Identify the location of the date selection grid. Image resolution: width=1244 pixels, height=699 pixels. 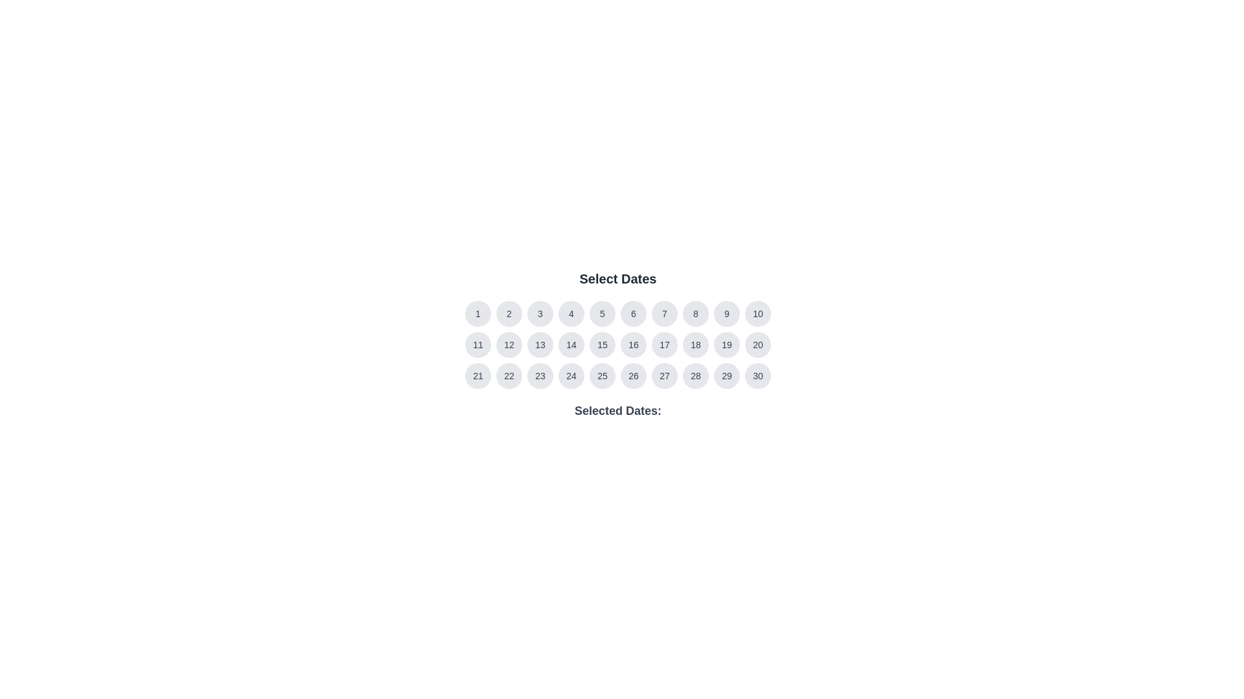
(617, 344).